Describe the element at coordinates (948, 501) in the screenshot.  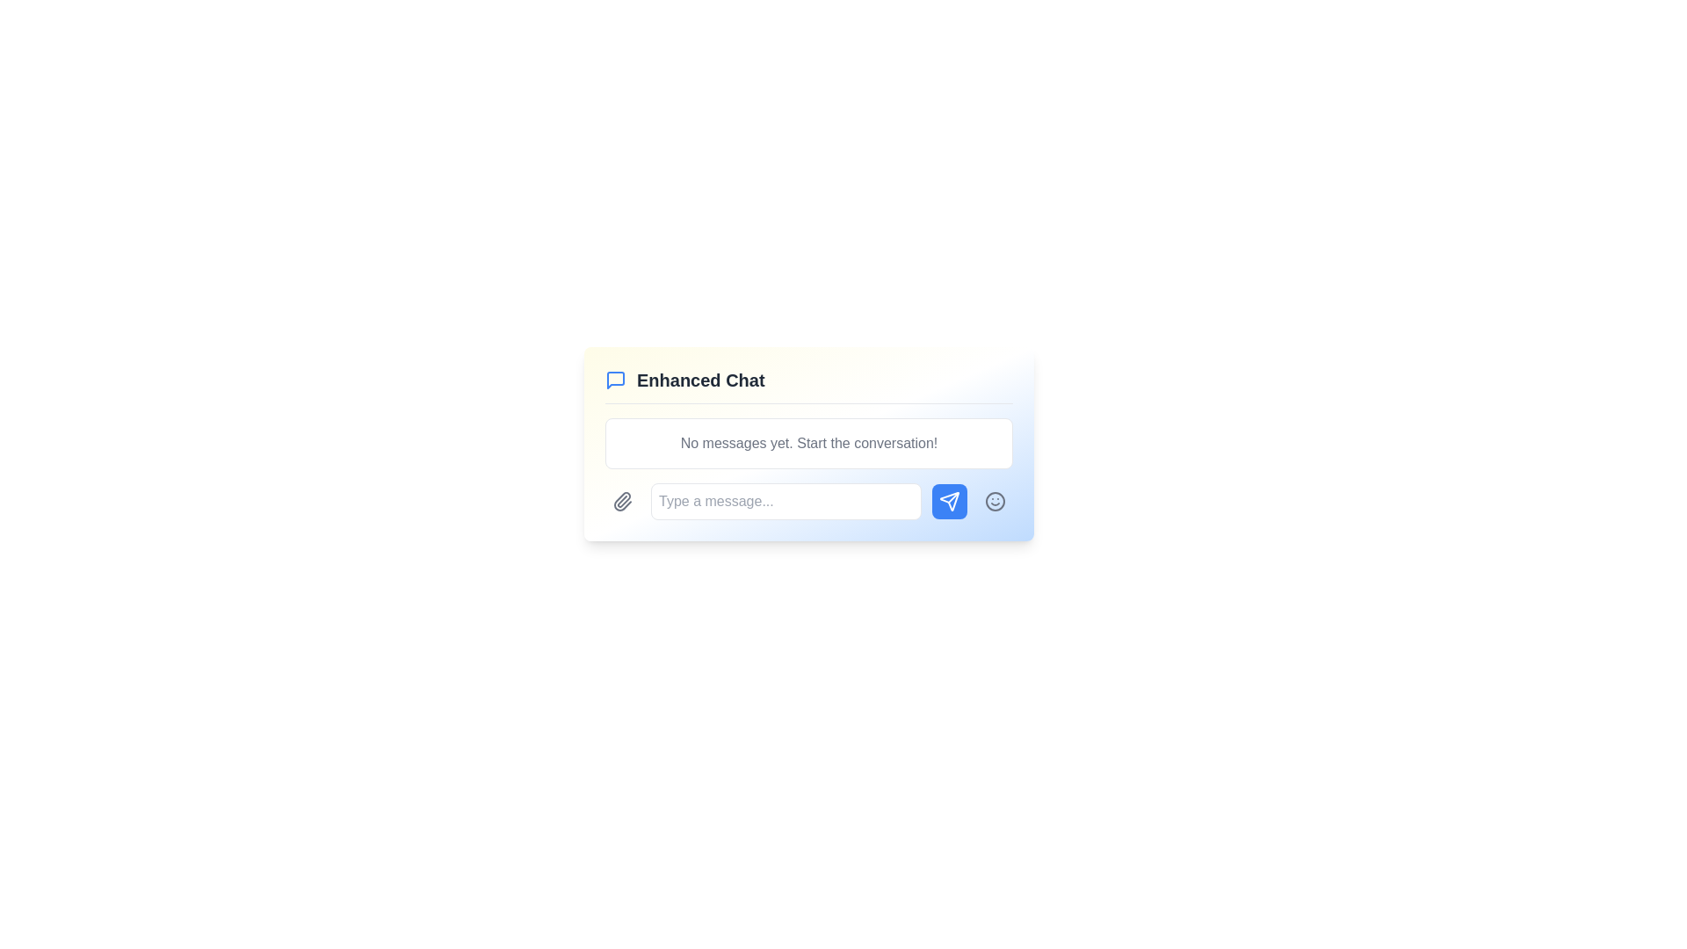
I see `the blue triangular 'Send' icon embedded within the circular button located at the bottom right of the chat interface` at that location.